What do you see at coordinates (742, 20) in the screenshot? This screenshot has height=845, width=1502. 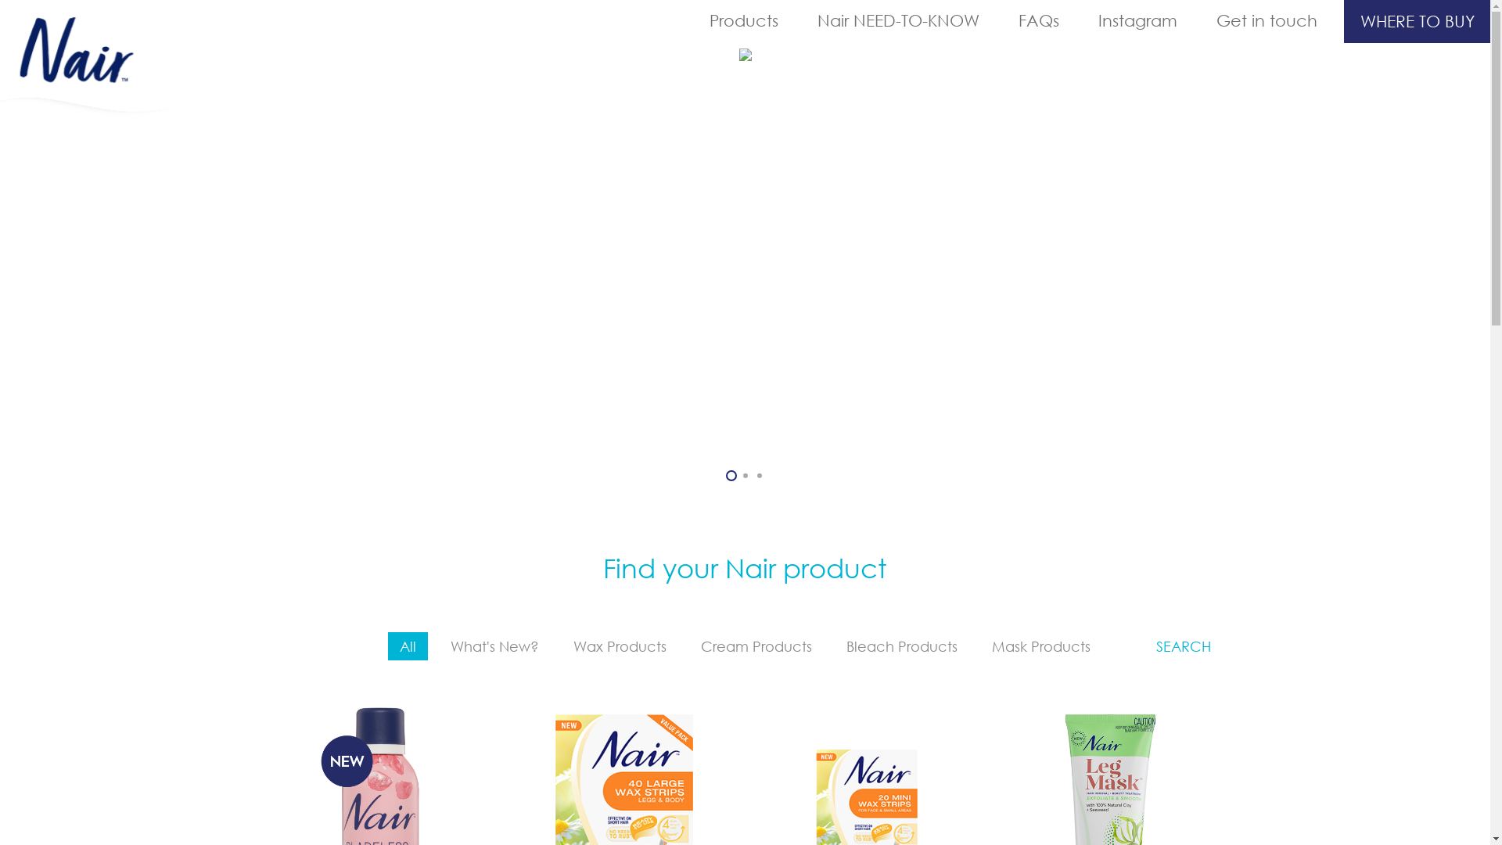 I see `'Products'` at bounding box center [742, 20].